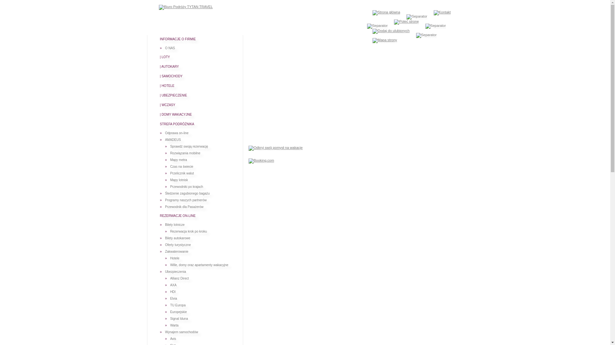 The height and width of the screenshot is (345, 615). What do you see at coordinates (176, 114) in the screenshot?
I see `'| DOMY WAKACYJNE'` at bounding box center [176, 114].